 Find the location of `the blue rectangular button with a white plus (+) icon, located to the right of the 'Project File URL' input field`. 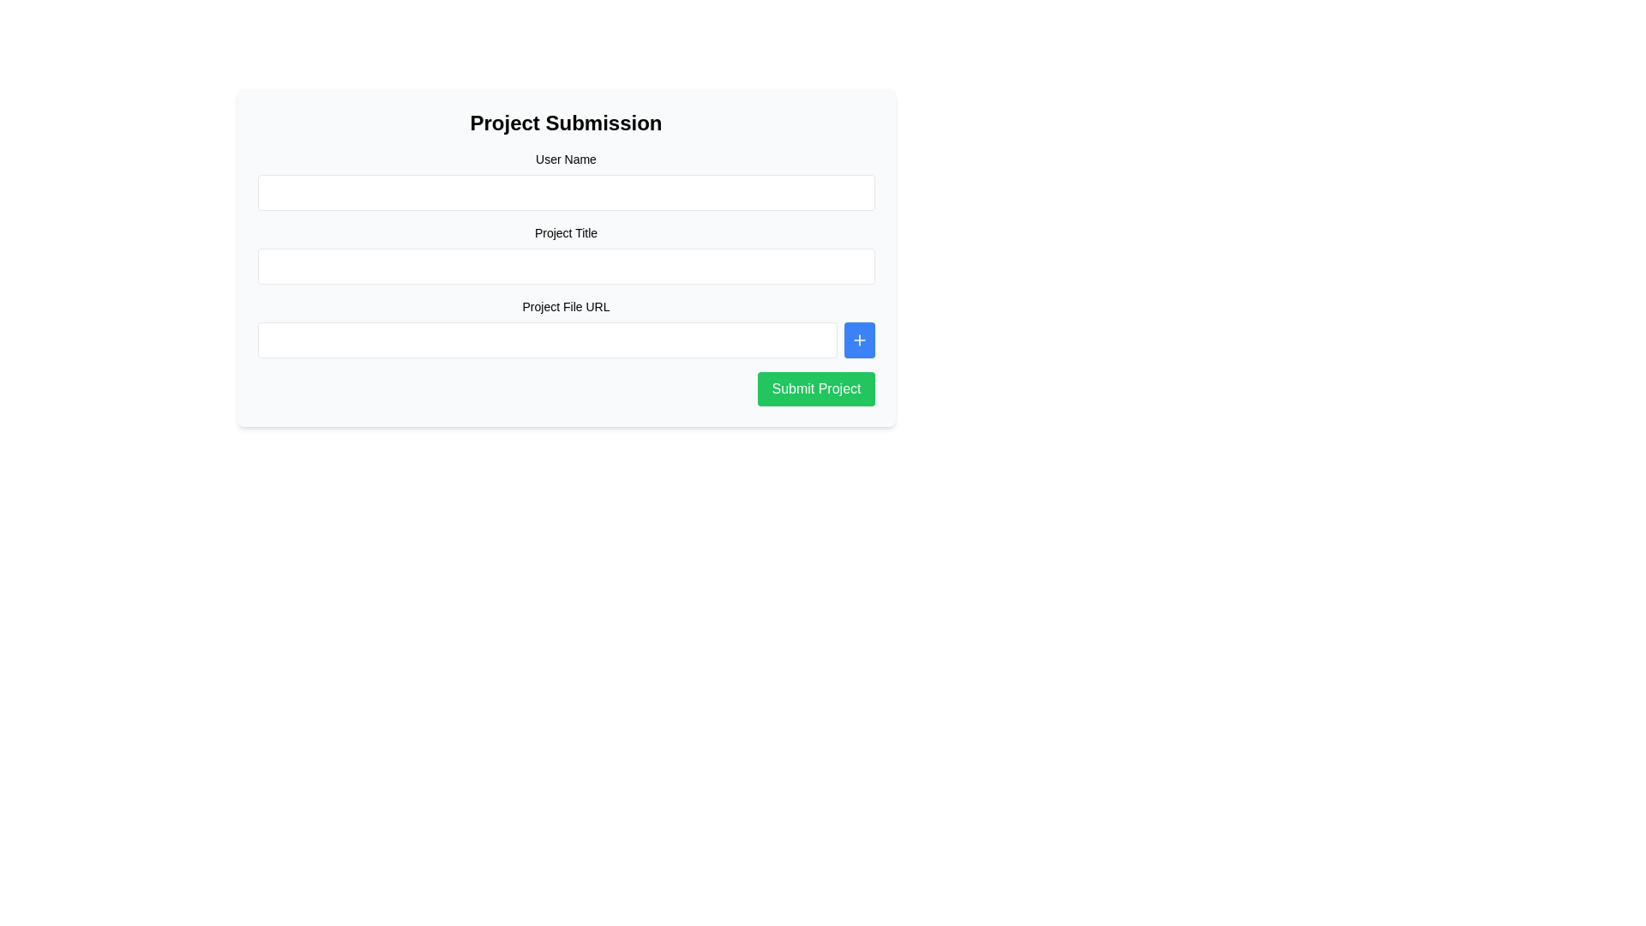

the blue rectangular button with a white plus (+) icon, located to the right of the 'Project File URL' input field is located at coordinates (859, 340).